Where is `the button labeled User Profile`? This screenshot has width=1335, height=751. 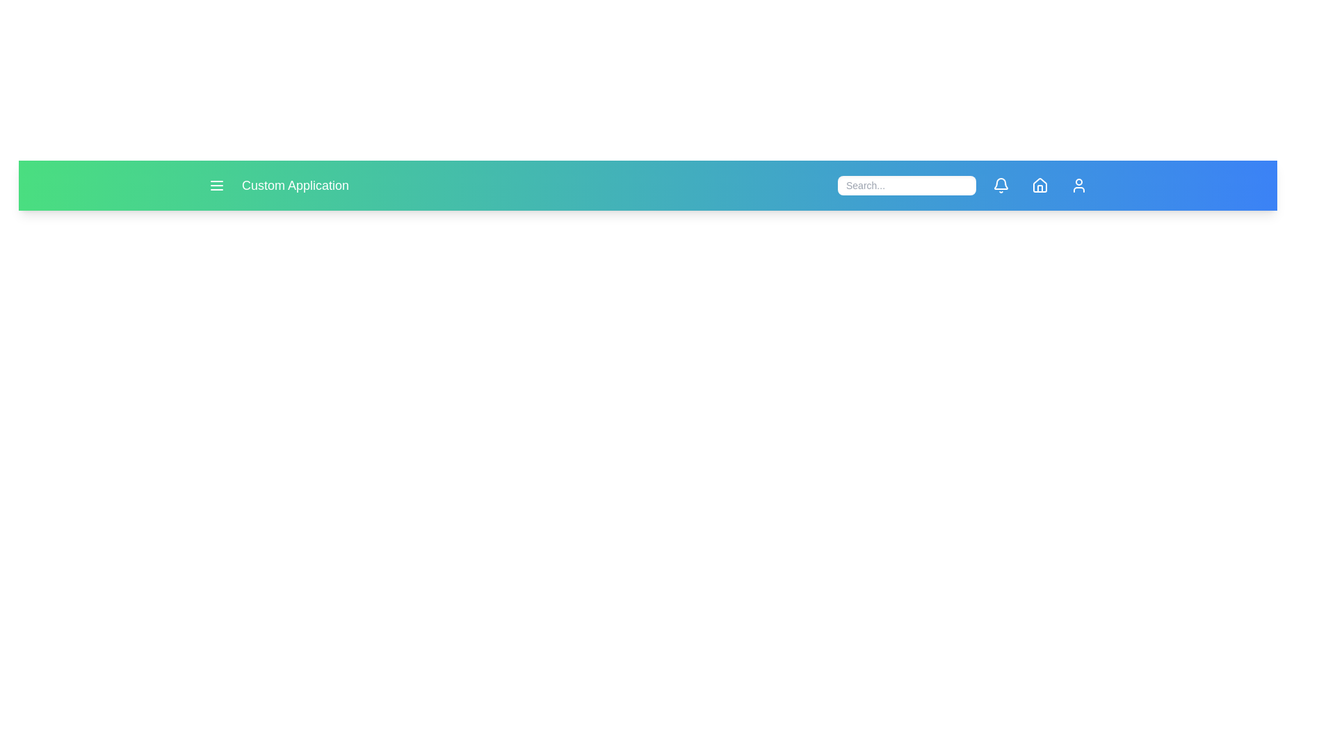
the button labeled User Profile is located at coordinates (1078, 184).